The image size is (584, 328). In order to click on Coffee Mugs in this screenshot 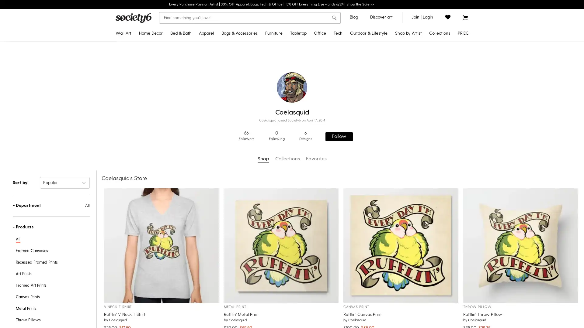, I will do `click(309, 49)`.